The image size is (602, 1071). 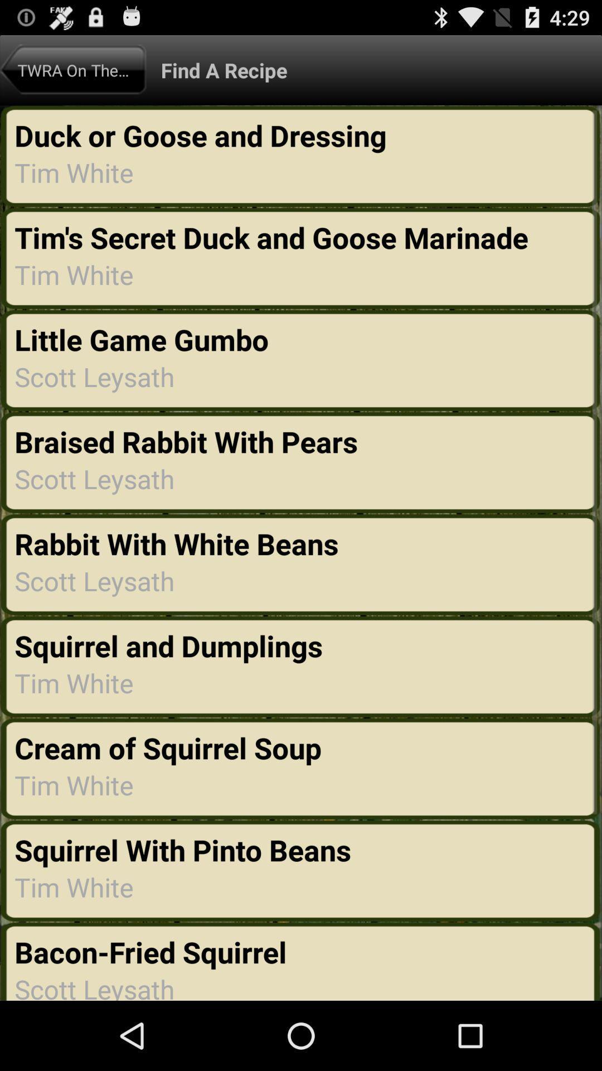 I want to click on icon above the duck or goose, so click(x=73, y=69).